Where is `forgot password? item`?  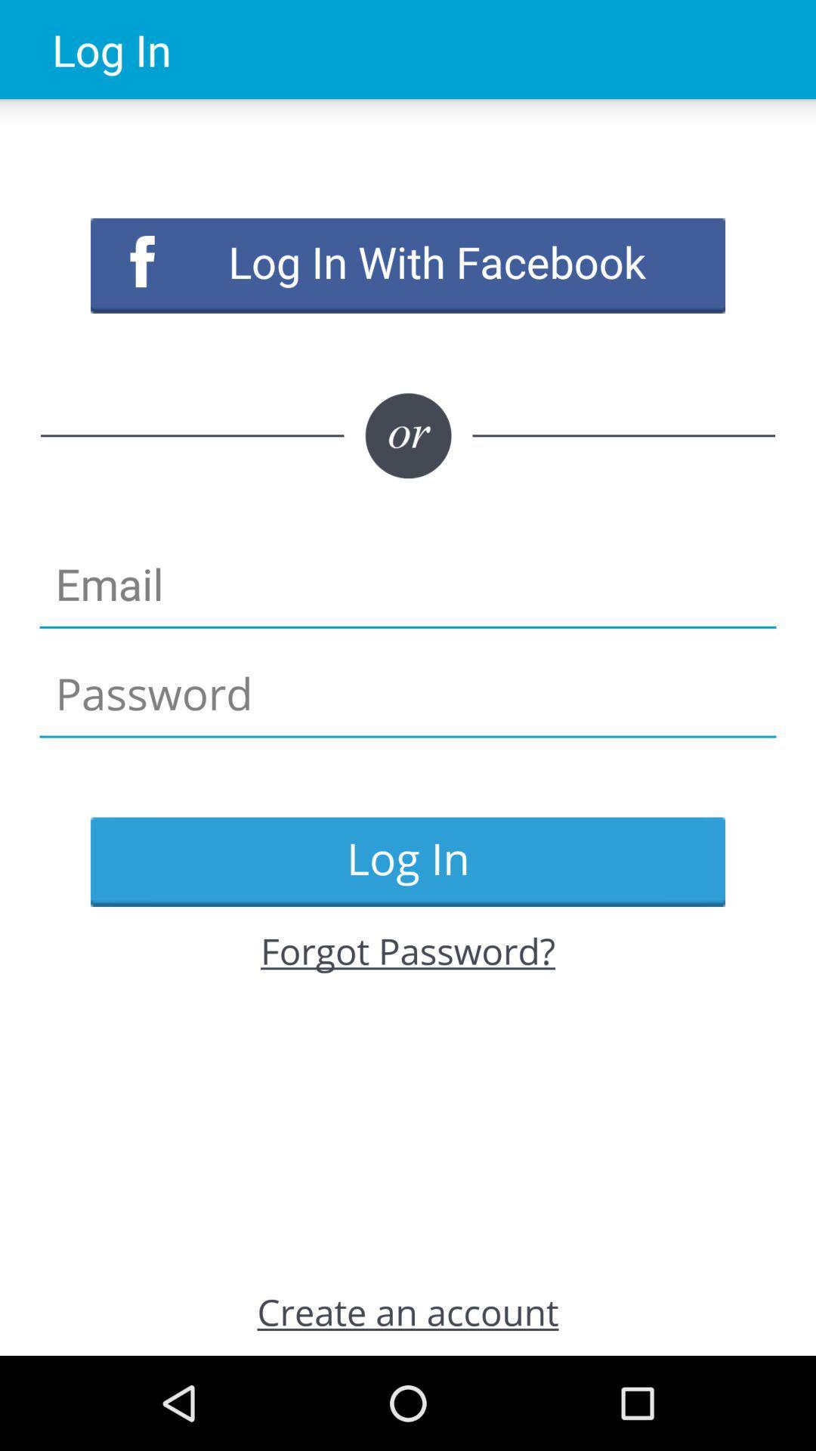 forgot password? item is located at coordinates (408, 950).